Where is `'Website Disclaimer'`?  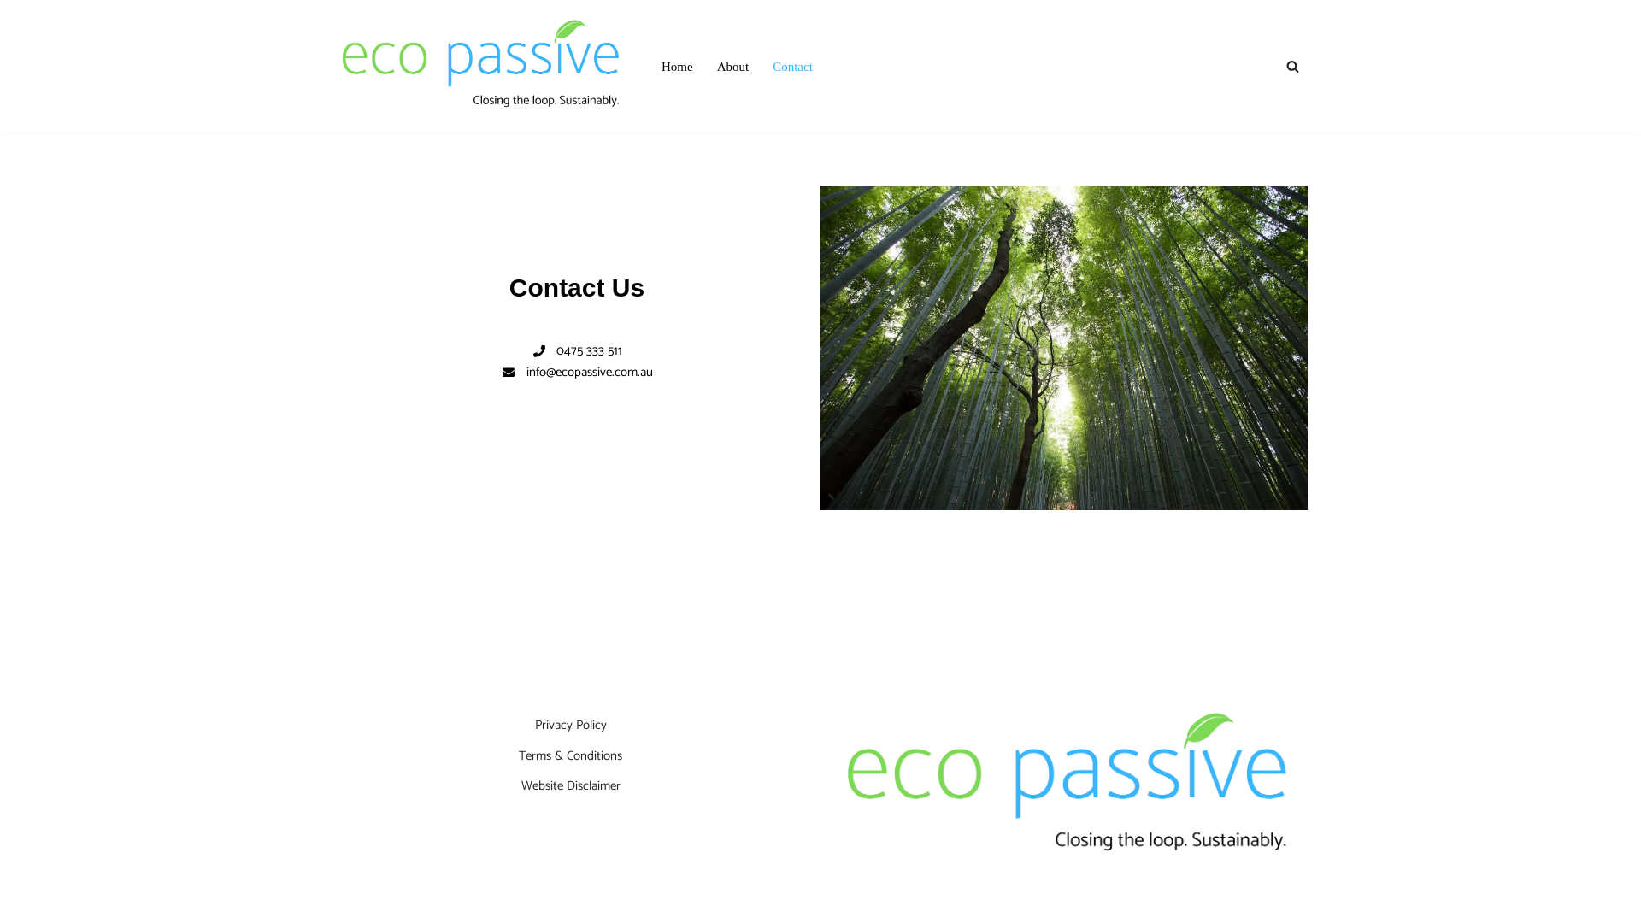 'Website Disclaimer' is located at coordinates (570, 785).